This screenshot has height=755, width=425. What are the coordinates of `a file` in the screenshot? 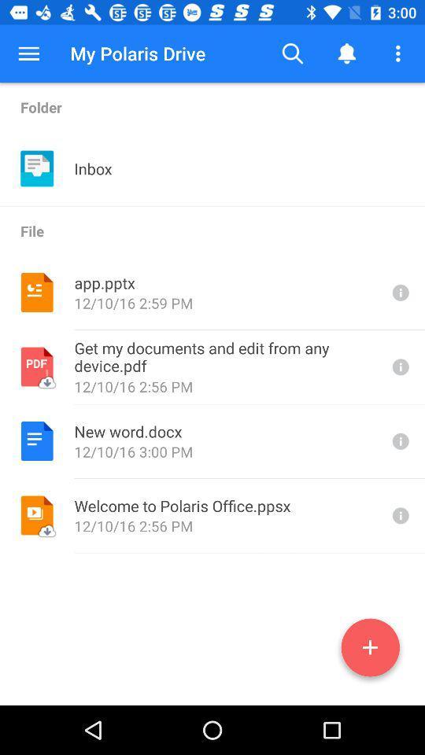 It's located at (370, 650).